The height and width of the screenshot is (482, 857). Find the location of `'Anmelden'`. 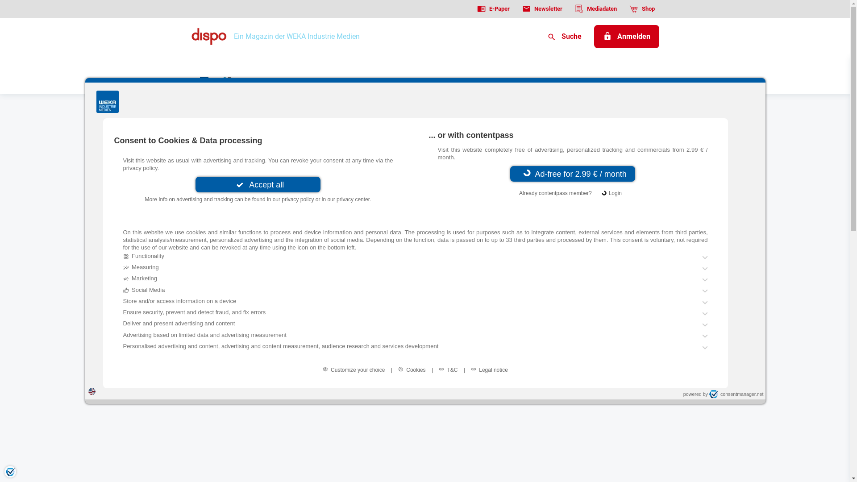

'Anmelden' is located at coordinates (625, 36).